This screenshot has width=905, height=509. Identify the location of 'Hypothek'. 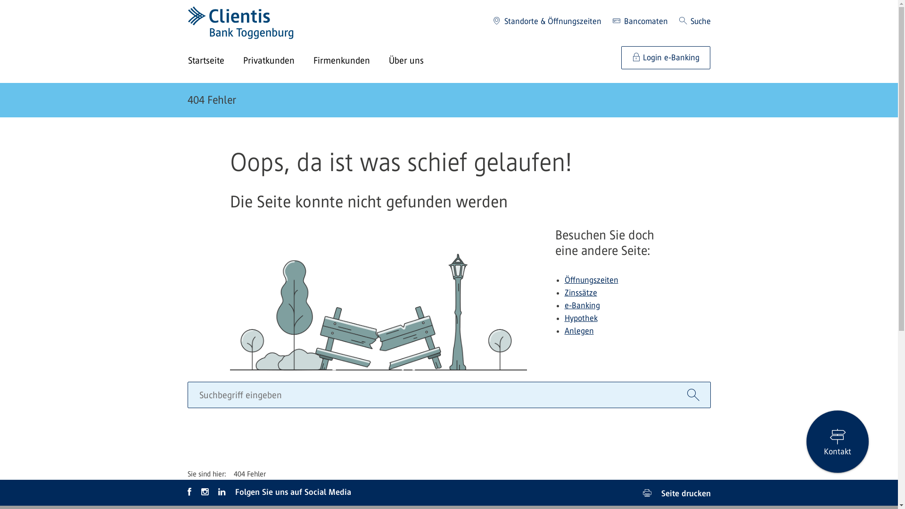
(581, 318).